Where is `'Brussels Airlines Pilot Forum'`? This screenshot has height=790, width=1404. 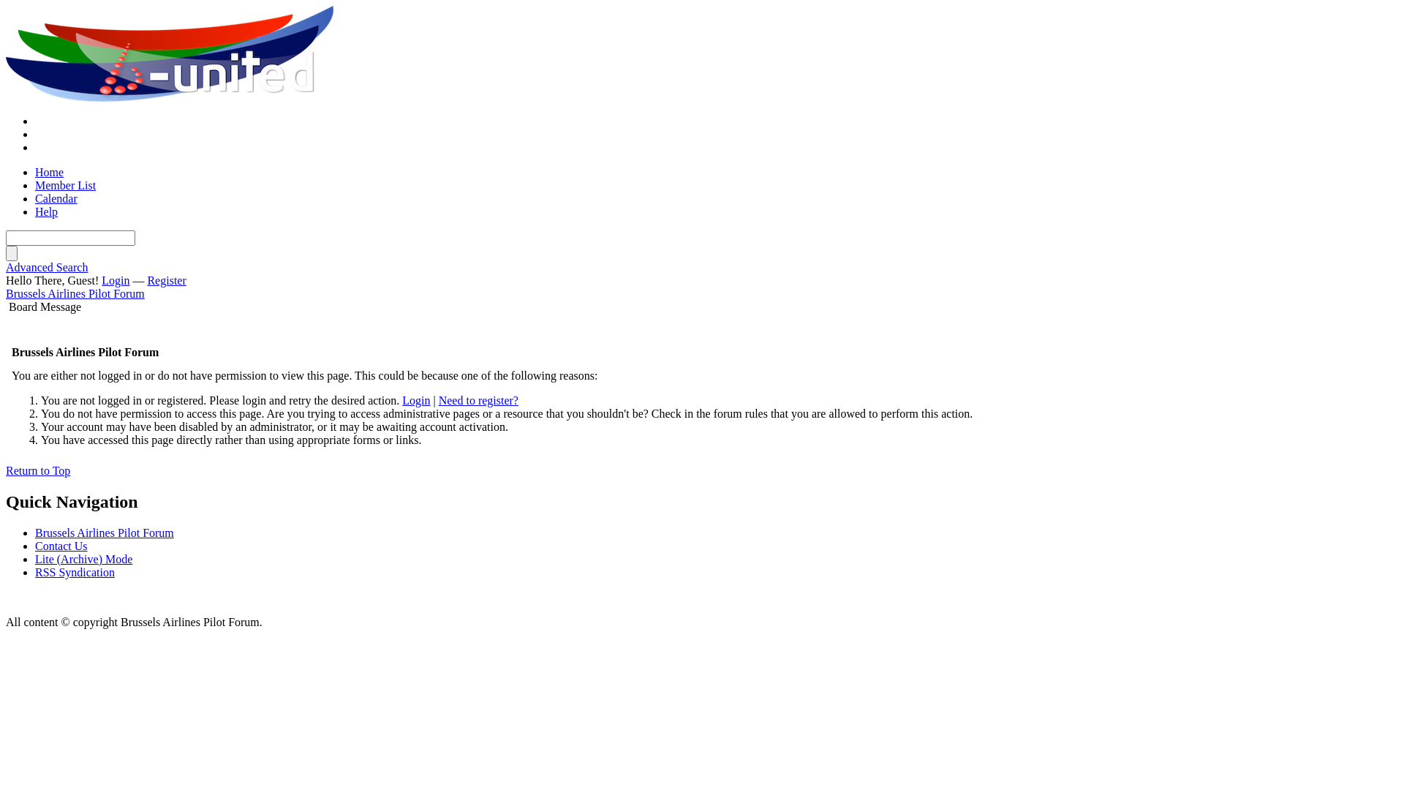
'Brussels Airlines Pilot Forum' is located at coordinates (104, 533).